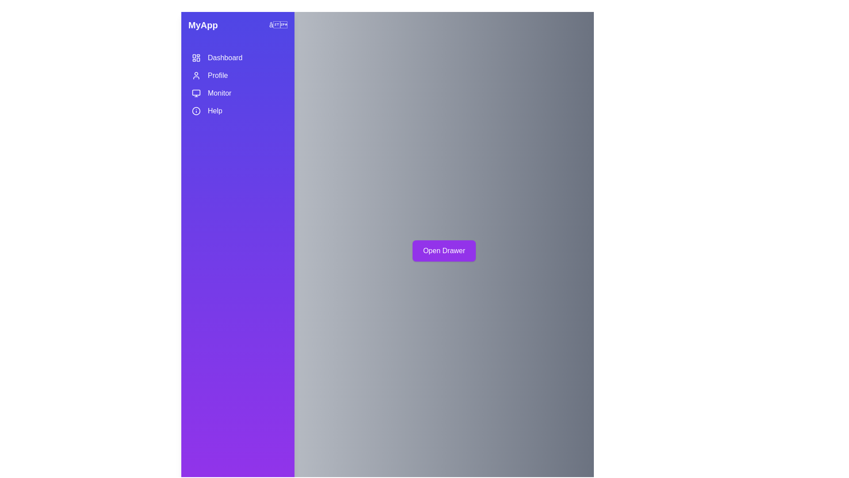  I want to click on close button to hide the drawer, so click(277, 25).